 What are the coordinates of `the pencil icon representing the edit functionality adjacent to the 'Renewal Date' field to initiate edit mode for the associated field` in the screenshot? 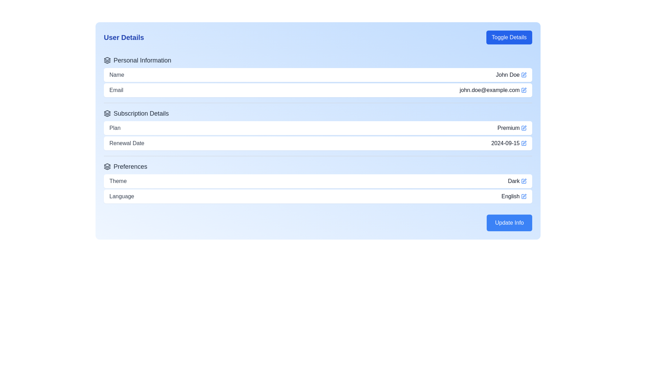 It's located at (525, 142).